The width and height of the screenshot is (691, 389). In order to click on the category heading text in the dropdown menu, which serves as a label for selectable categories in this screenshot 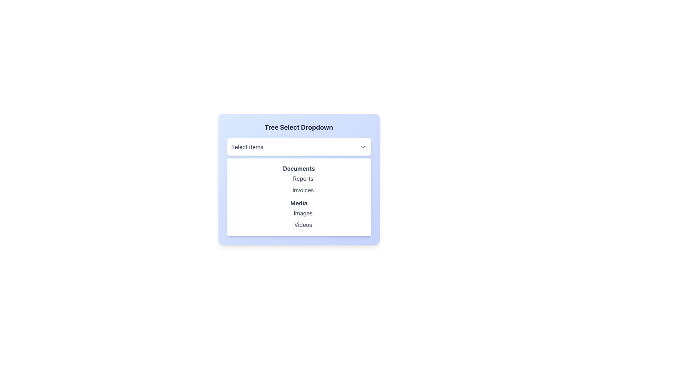, I will do `click(299, 203)`.